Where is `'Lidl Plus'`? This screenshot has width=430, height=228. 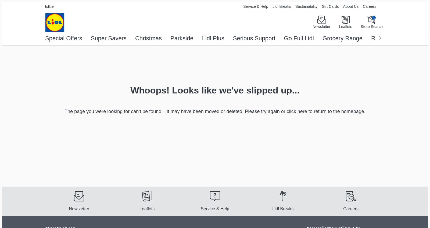 'Lidl Plus' is located at coordinates (213, 38).